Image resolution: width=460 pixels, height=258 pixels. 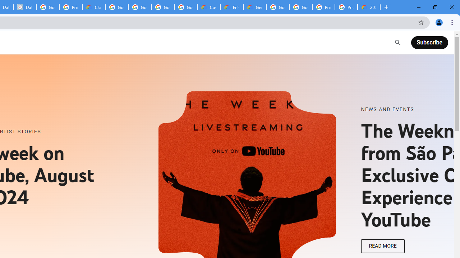 What do you see at coordinates (255, 7) in the screenshot?
I see `'Gemini for Business and Developers | Google Cloud'` at bounding box center [255, 7].